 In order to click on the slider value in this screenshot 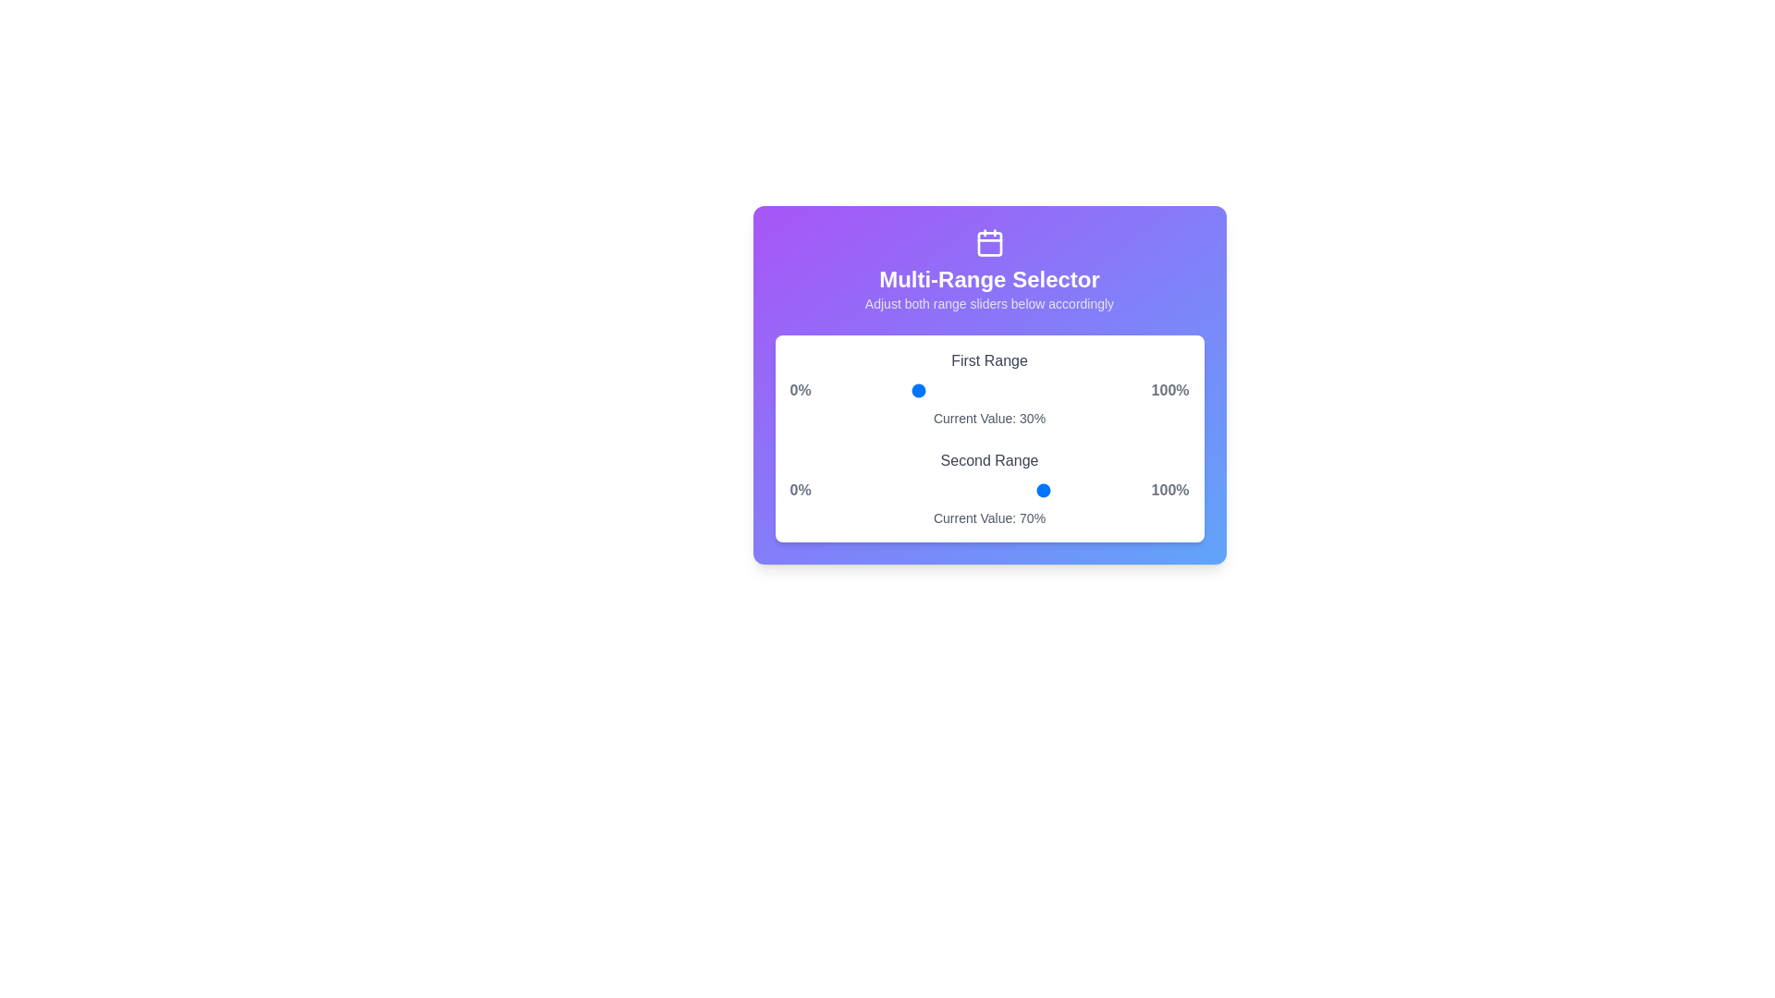, I will do `click(1082, 390)`.